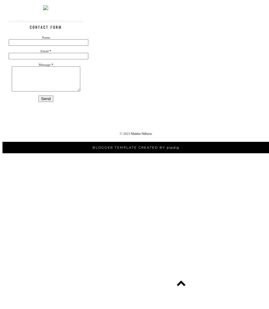 The width and height of the screenshot is (269, 309). Describe the element at coordinates (127, 133) in the screenshot. I see `'2023'` at that location.